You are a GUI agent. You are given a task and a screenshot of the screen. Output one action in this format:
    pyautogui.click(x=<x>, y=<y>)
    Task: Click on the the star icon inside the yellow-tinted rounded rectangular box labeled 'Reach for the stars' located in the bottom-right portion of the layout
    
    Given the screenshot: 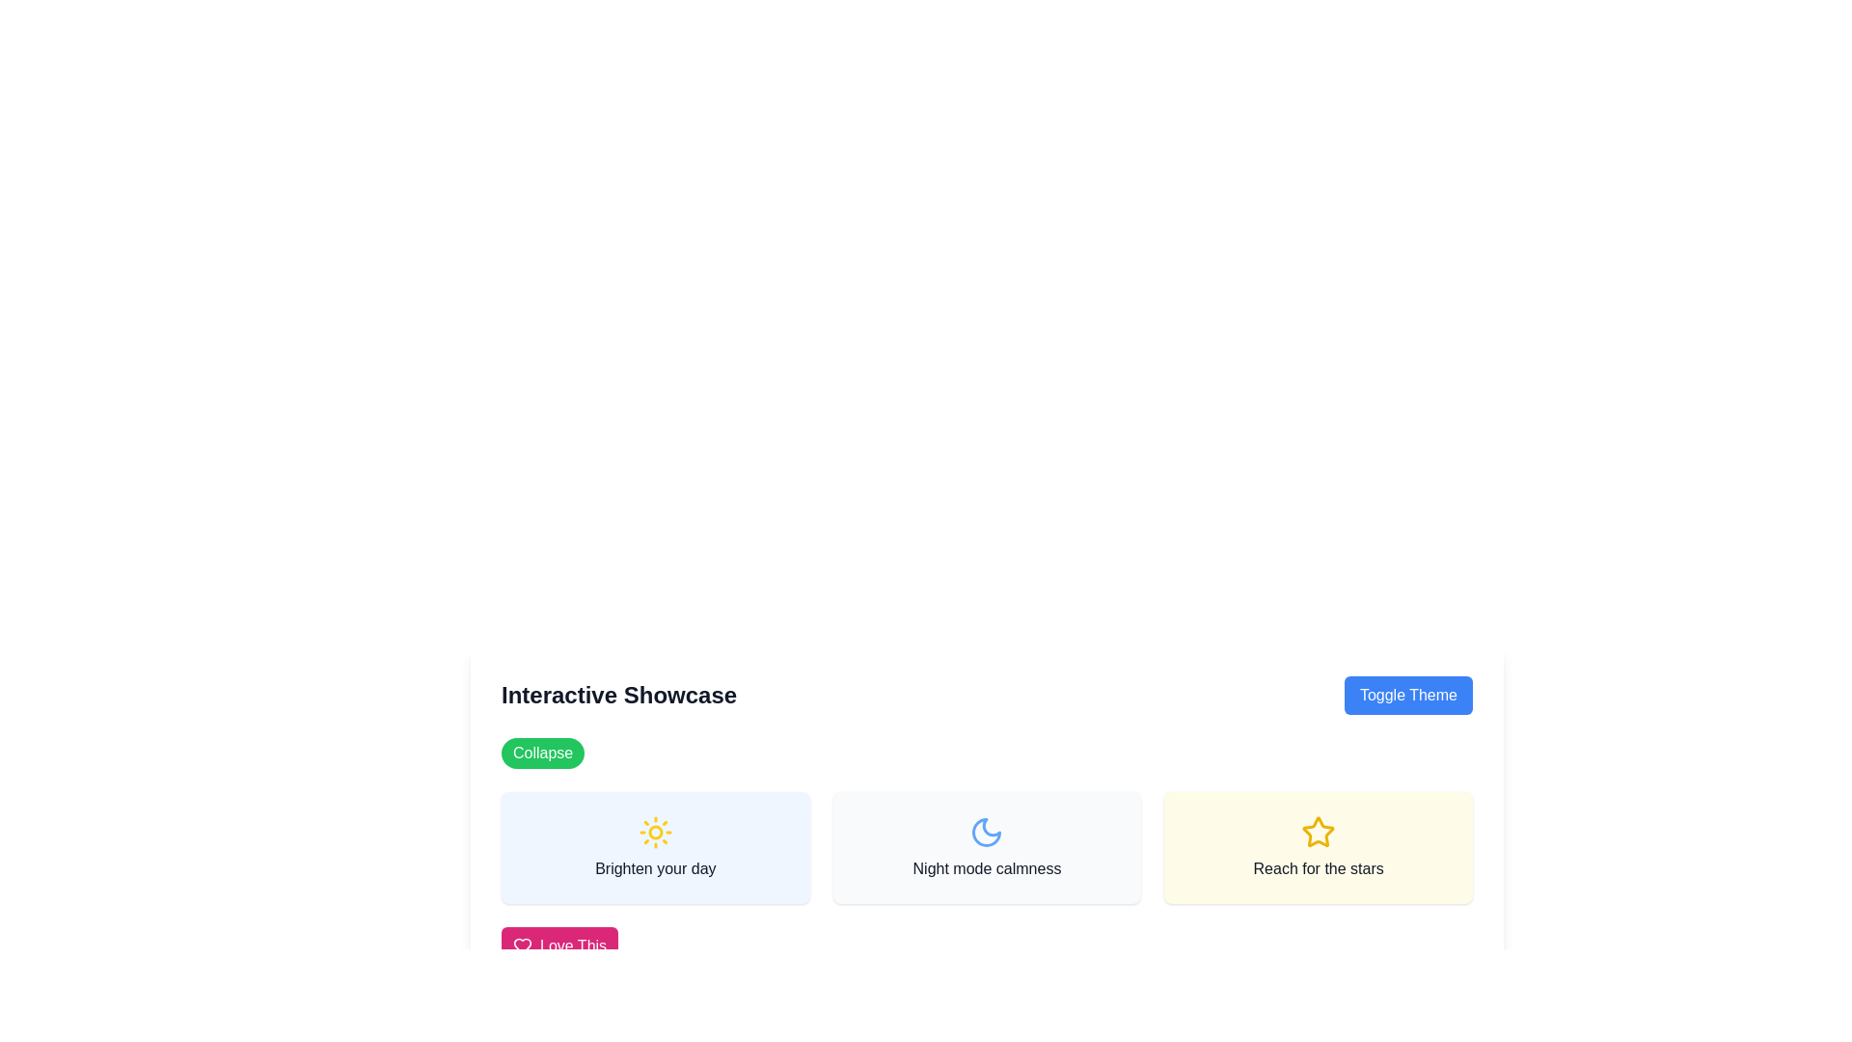 What is the action you would take?
    pyautogui.click(x=1318, y=832)
    